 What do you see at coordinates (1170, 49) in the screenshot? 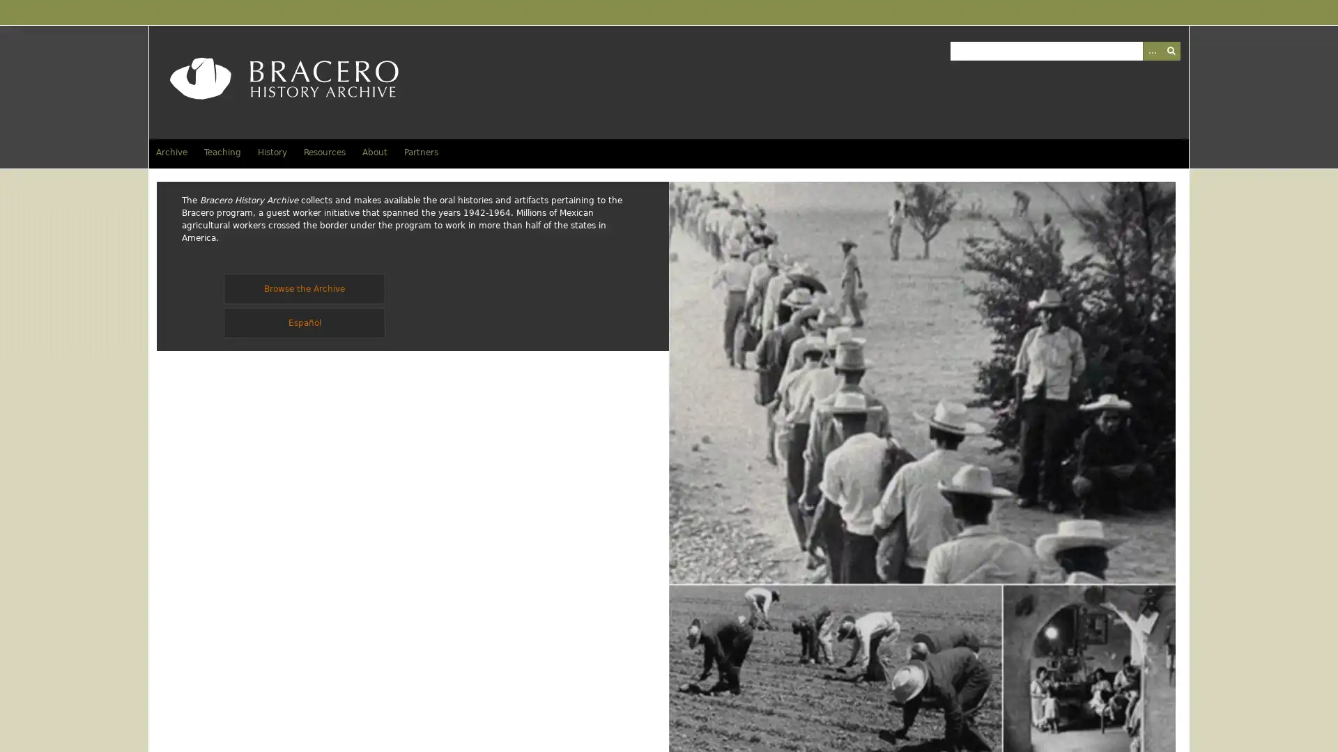
I see `Search` at bounding box center [1170, 49].